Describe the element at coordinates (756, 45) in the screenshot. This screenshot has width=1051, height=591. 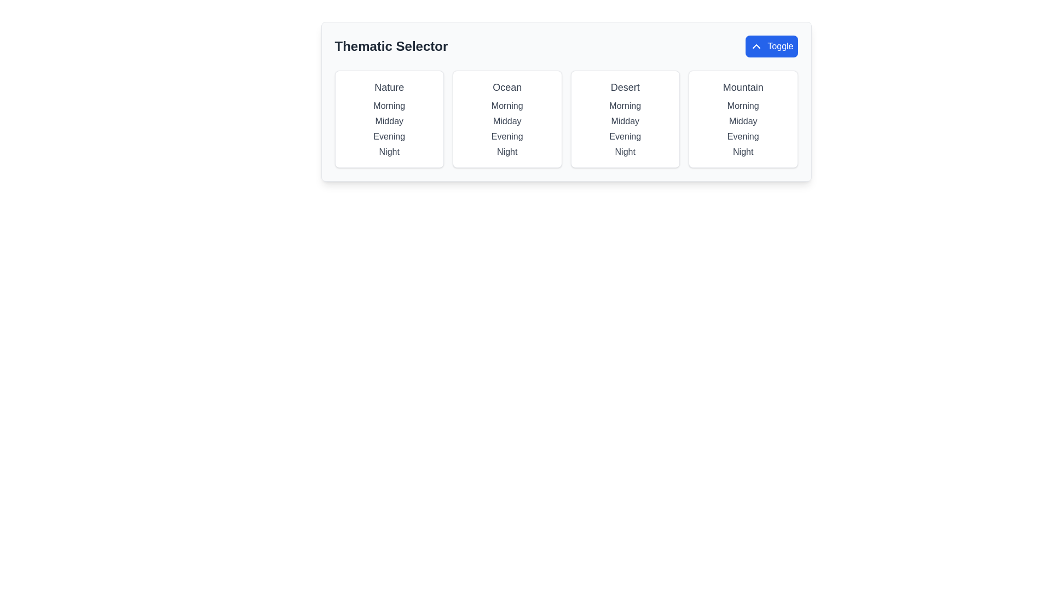
I see `the upward-pointing chevron icon within the blue 'Toggle' button located in the top-right corner of the 'Thematic Selector' card` at that location.